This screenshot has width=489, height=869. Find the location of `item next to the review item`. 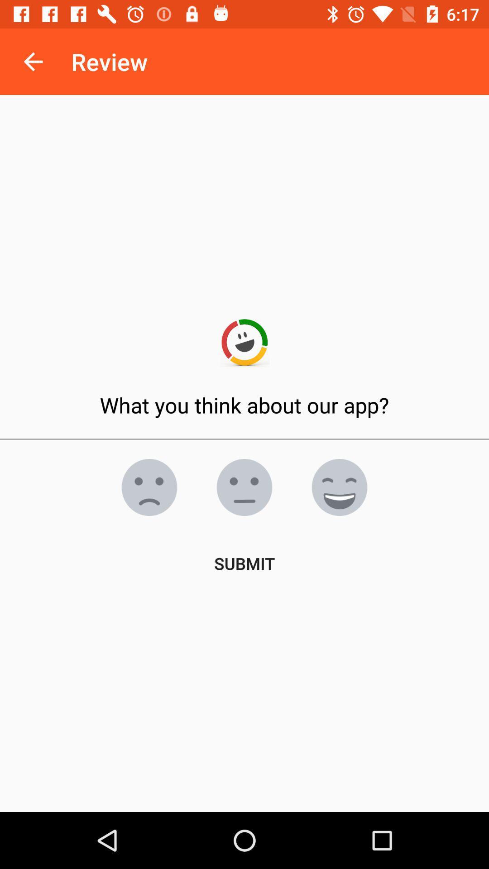

item next to the review item is located at coordinates (33, 61).